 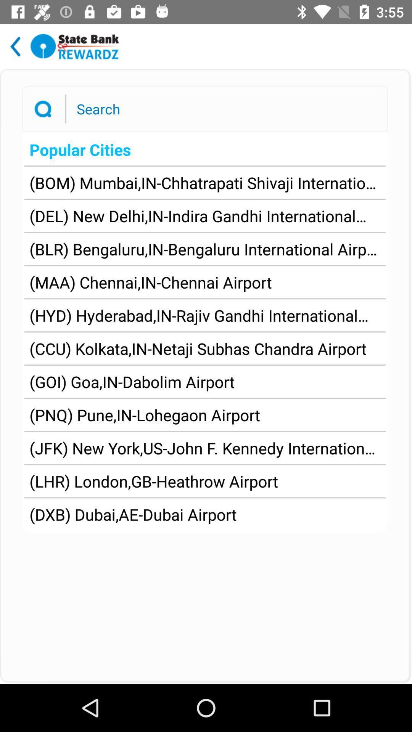 I want to click on pnq pune in icon, so click(x=145, y=414).